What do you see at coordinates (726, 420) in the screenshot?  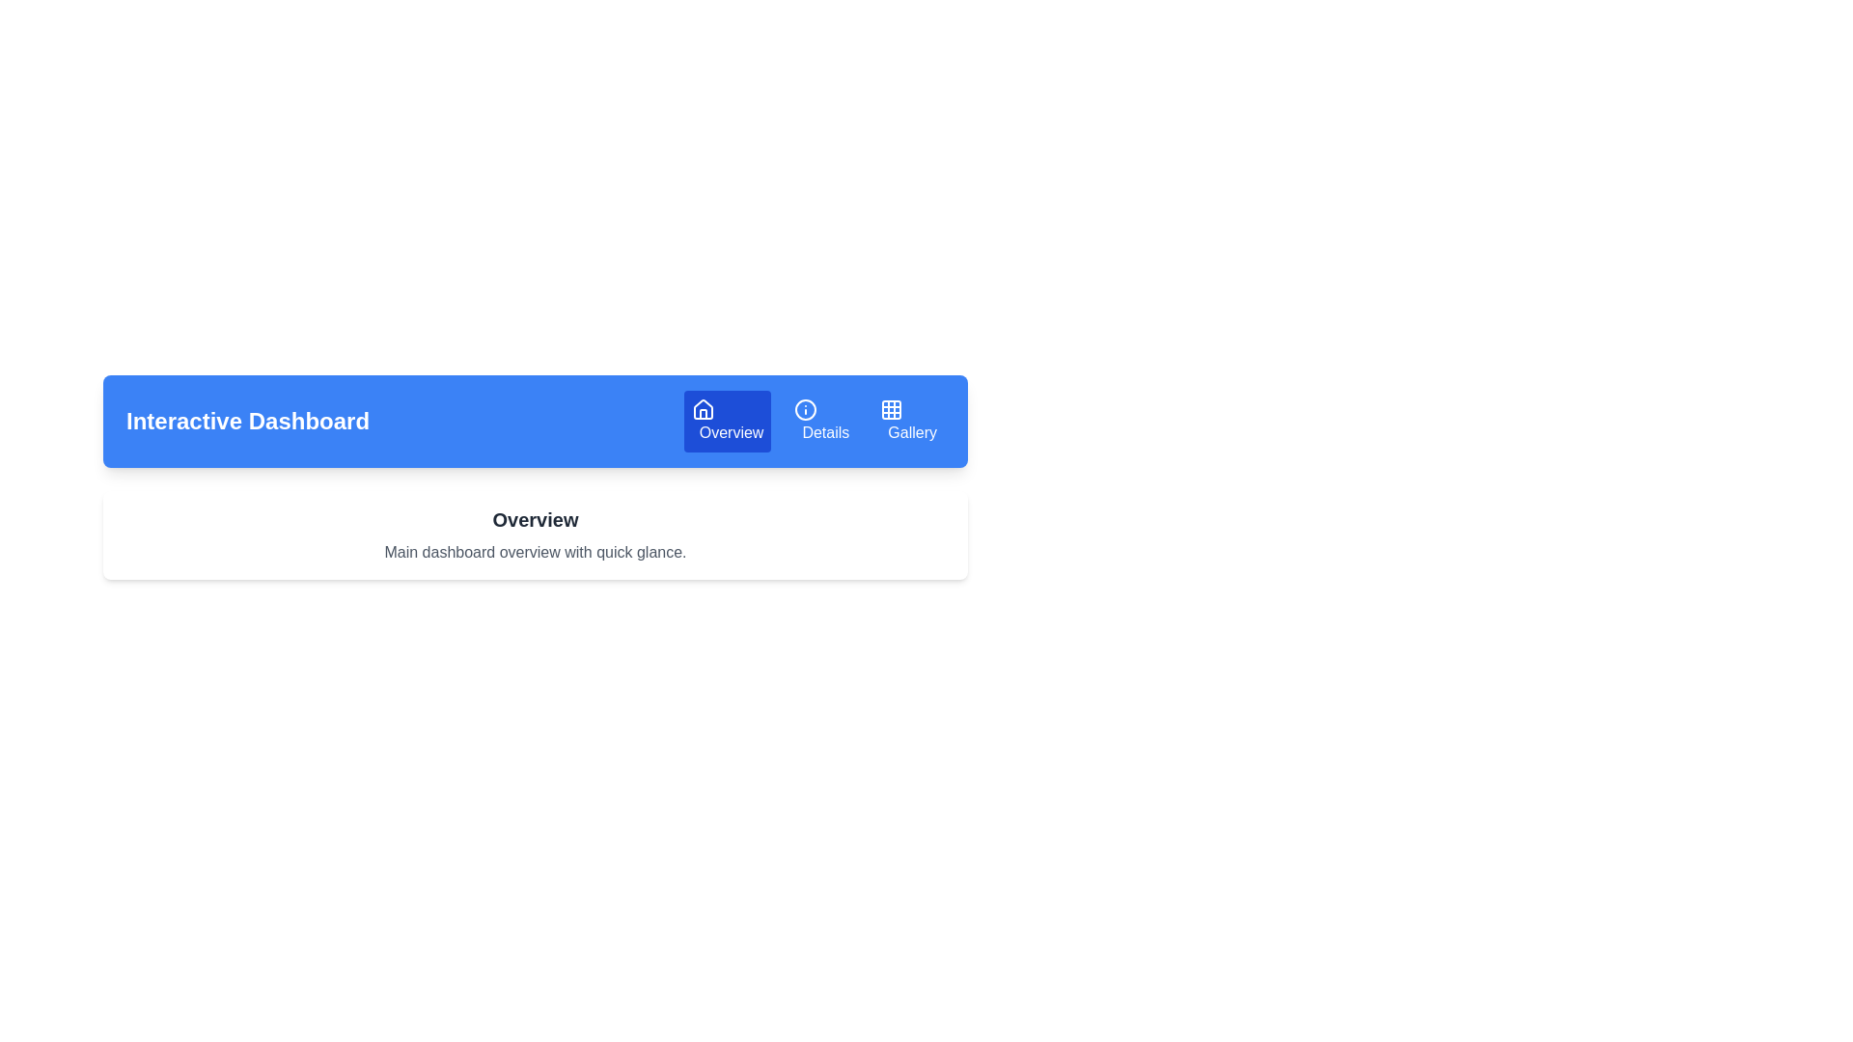 I see `the 'Overview' tab to activate it` at bounding box center [726, 420].